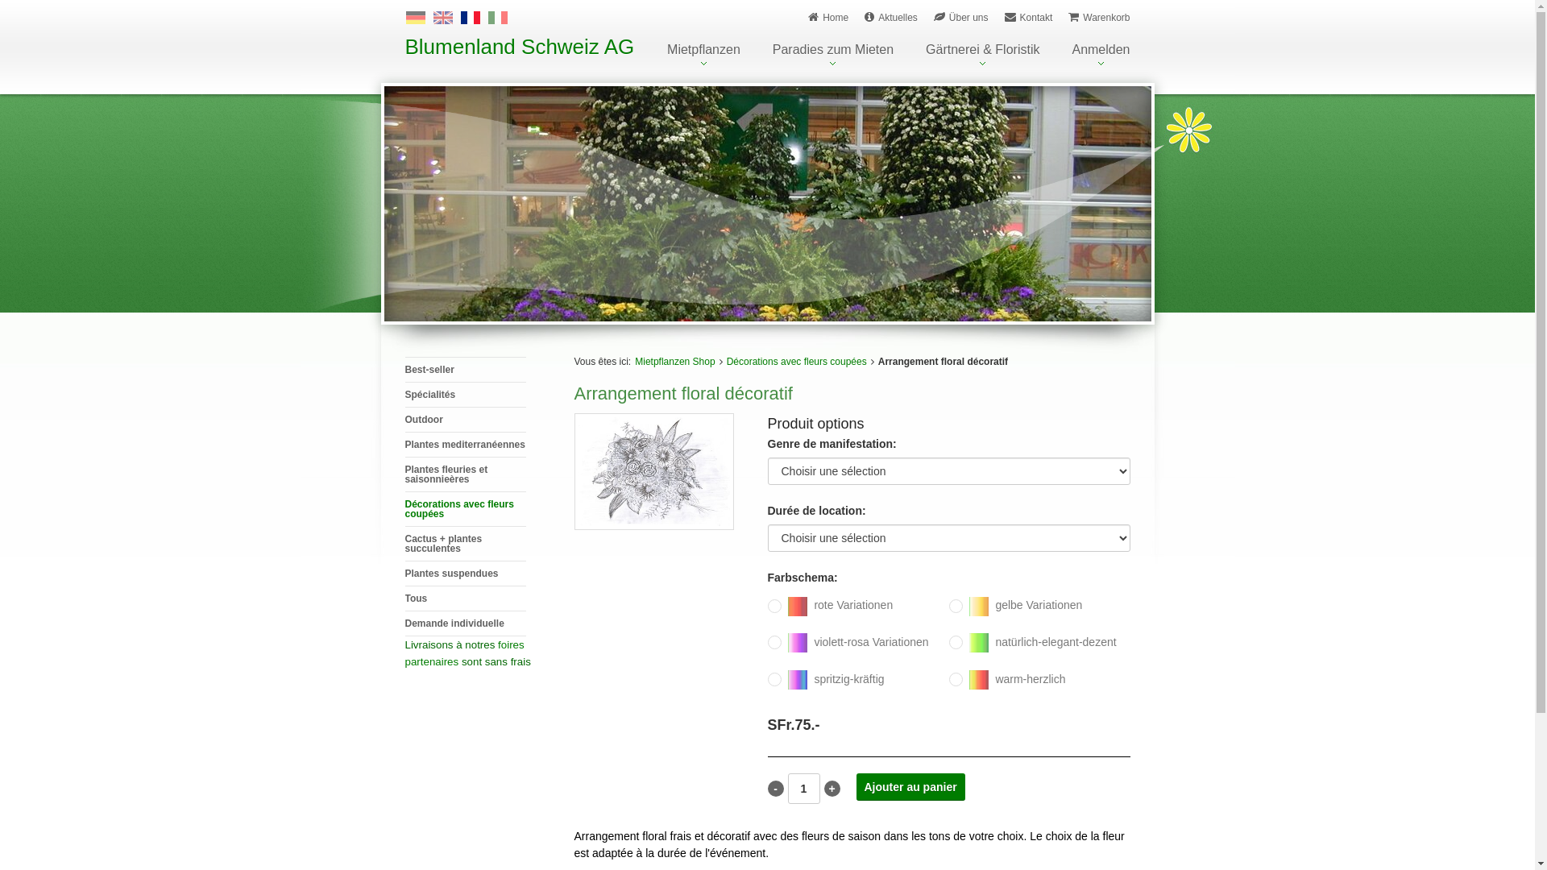  Describe the element at coordinates (1100, 54) in the screenshot. I see `'Anmelden'` at that location.